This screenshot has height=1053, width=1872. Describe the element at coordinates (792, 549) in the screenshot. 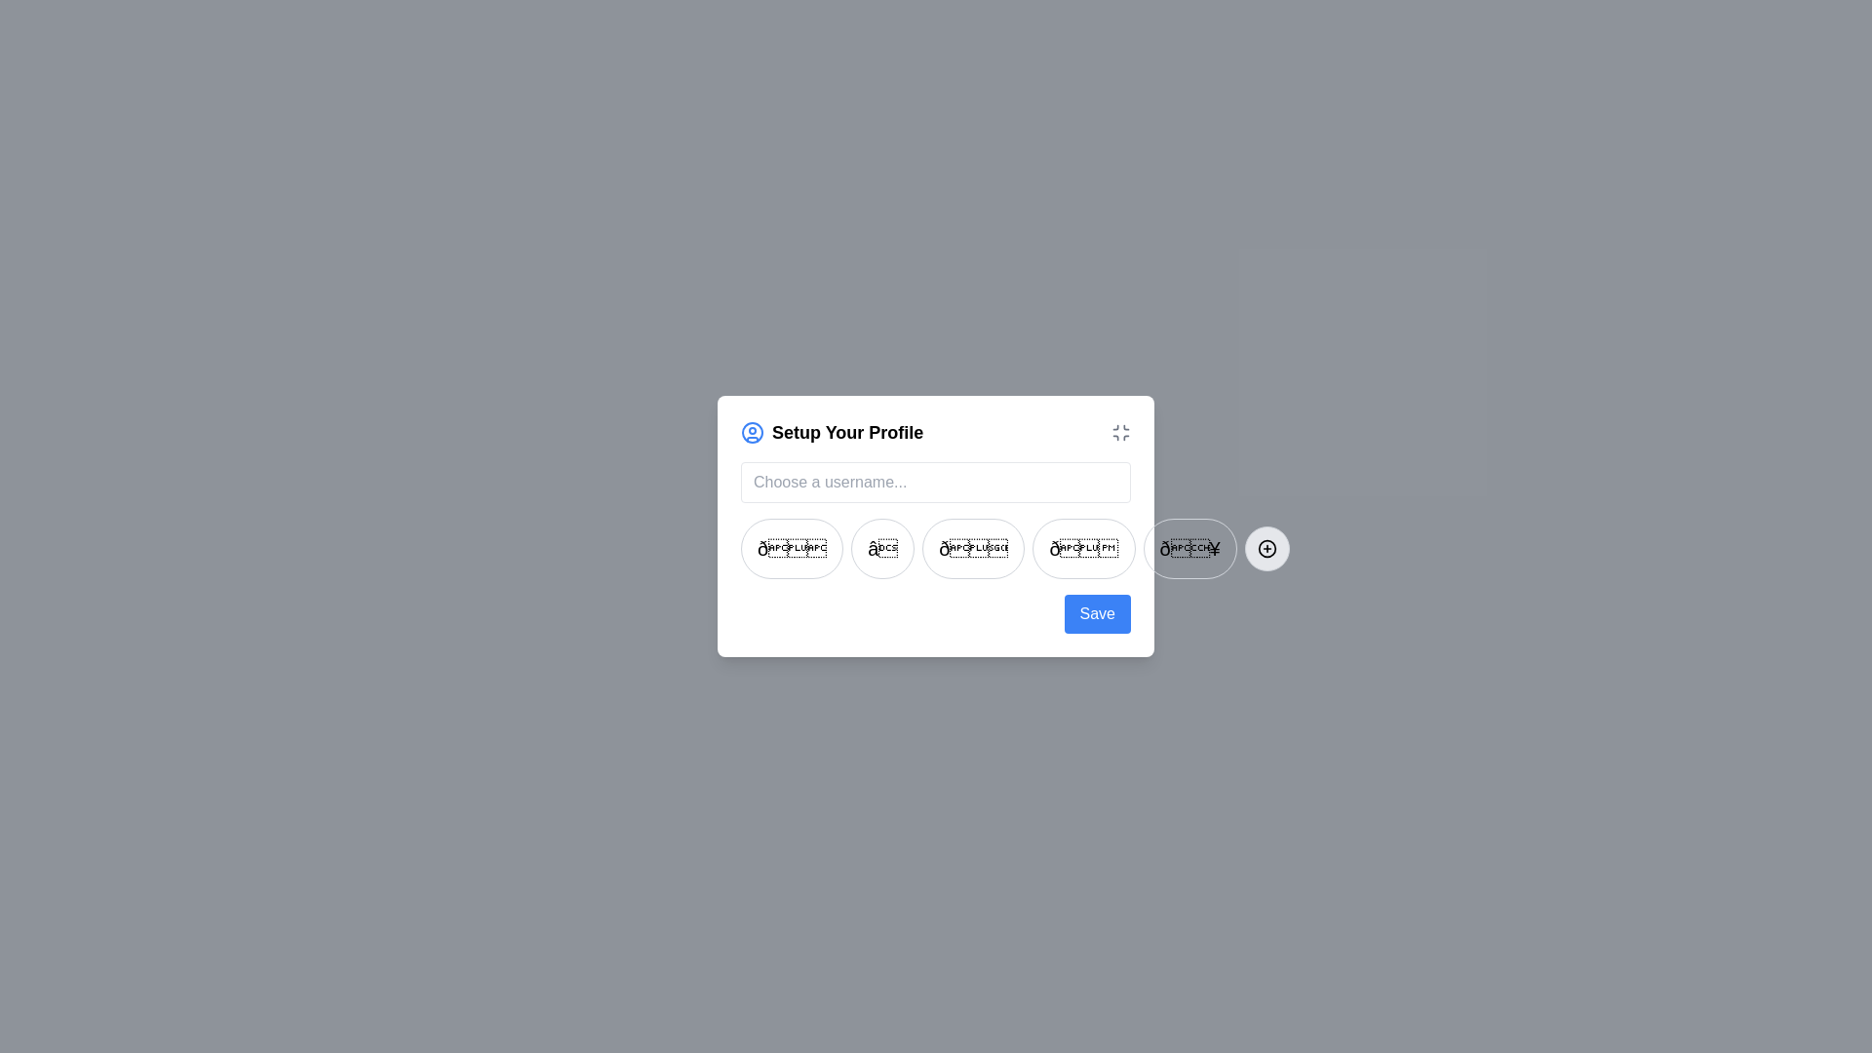

I see `the circular button with a star icon, which is the first button in a horizontal group of similar buttons within a modal dialog box` at that location.